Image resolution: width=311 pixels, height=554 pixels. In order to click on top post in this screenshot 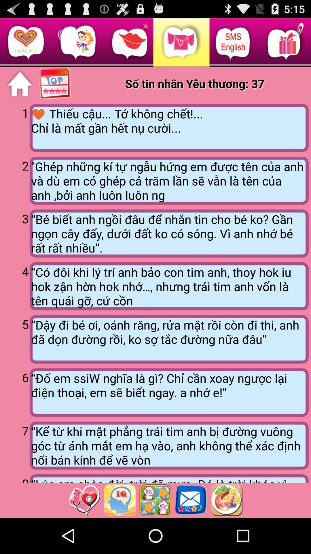, I will do `click(55, 84)`.